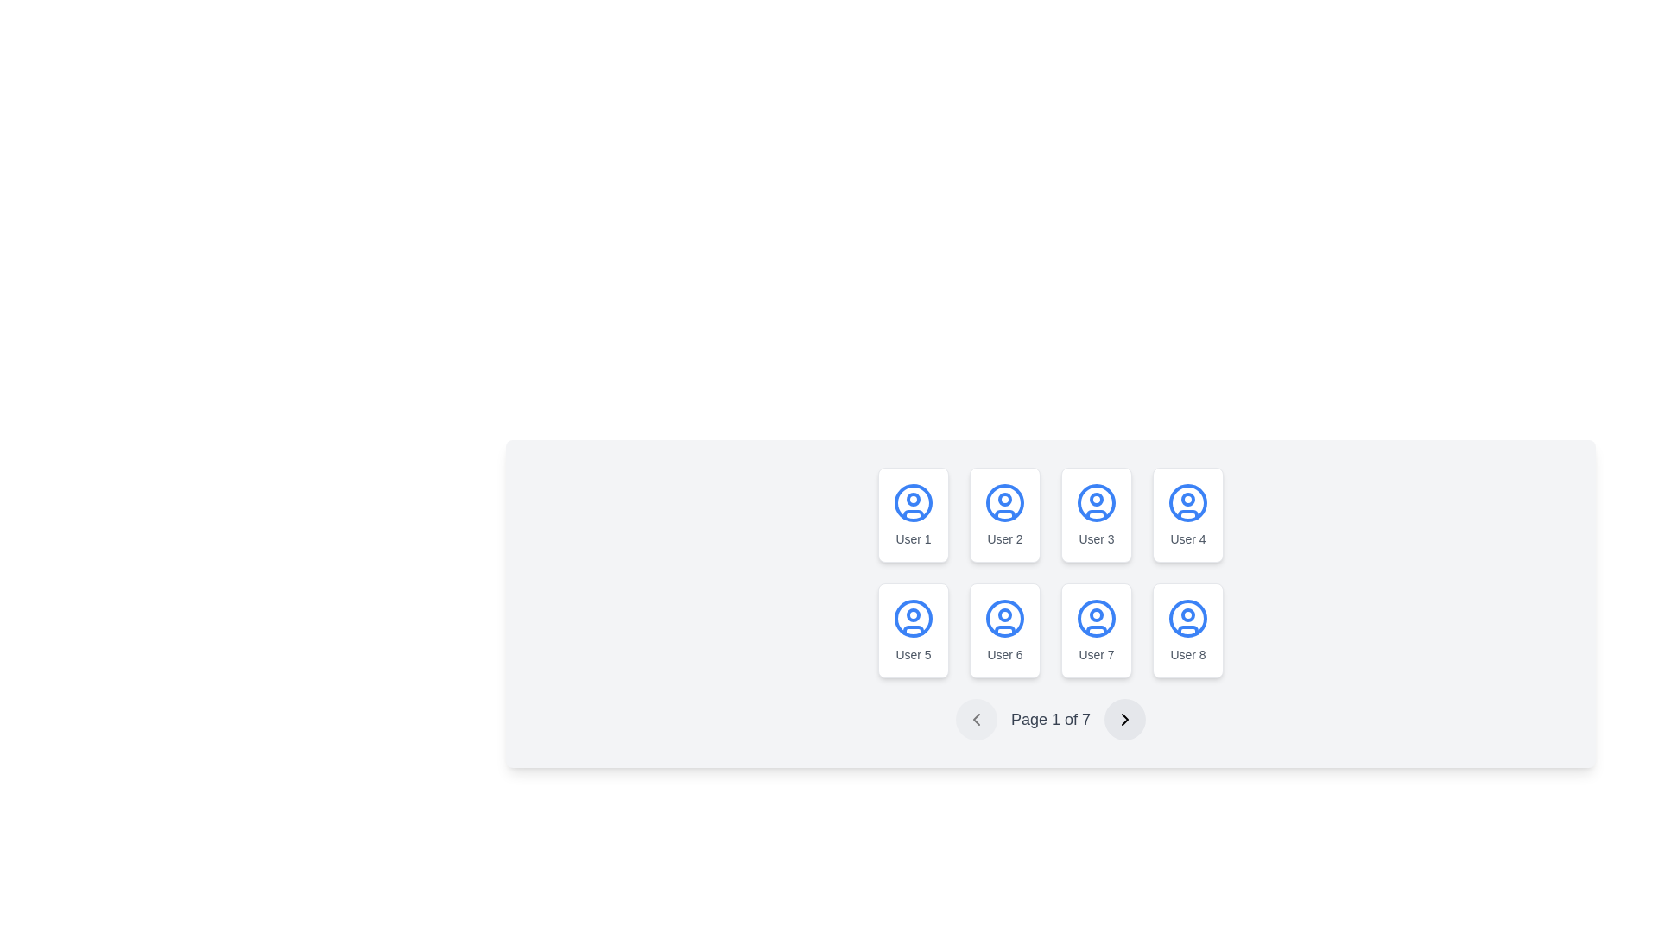  I want to click on the central SVG Circle representing 'User 5' in the profile icon, which is part of the decorative visual in the user grid, so click(912, 618).